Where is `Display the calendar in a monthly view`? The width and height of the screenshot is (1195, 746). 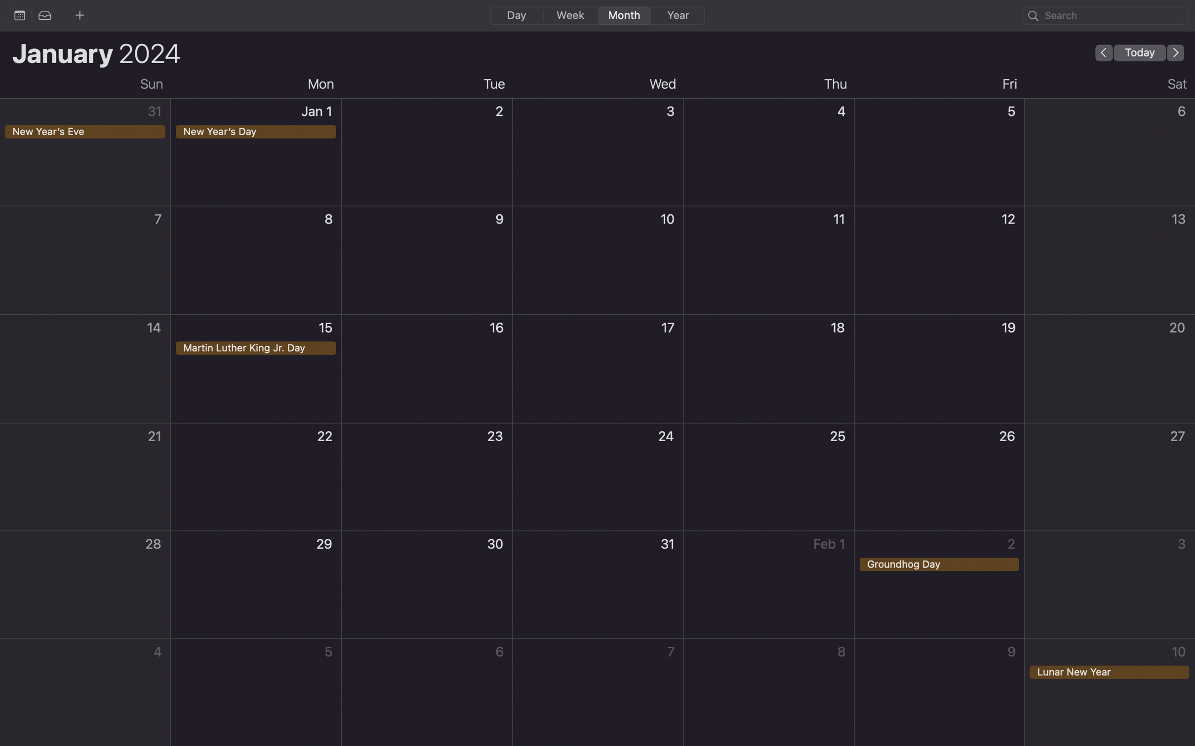
Display the calendar in a monthly view is located at coordinates (622, 15).